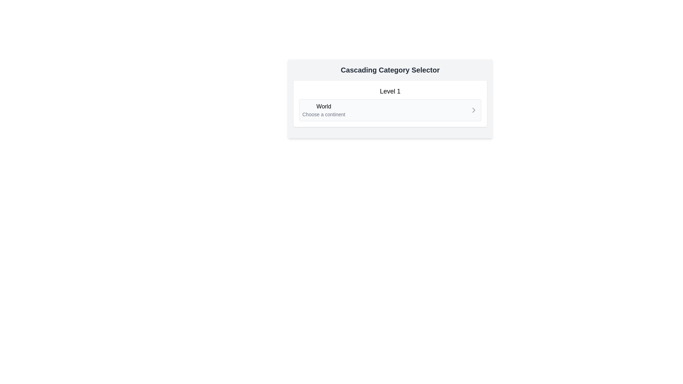  I want to click on the text label that reads 'Choose a continent', which is positioned below the 'World' label in the cascading category selector component, so click(323, 114).